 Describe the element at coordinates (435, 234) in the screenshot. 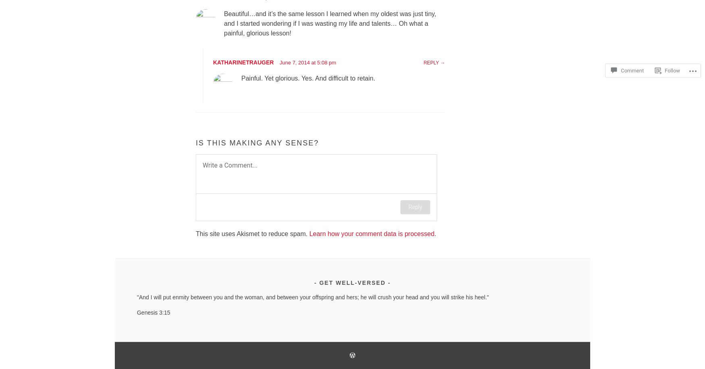

I see `'.'` at that location.